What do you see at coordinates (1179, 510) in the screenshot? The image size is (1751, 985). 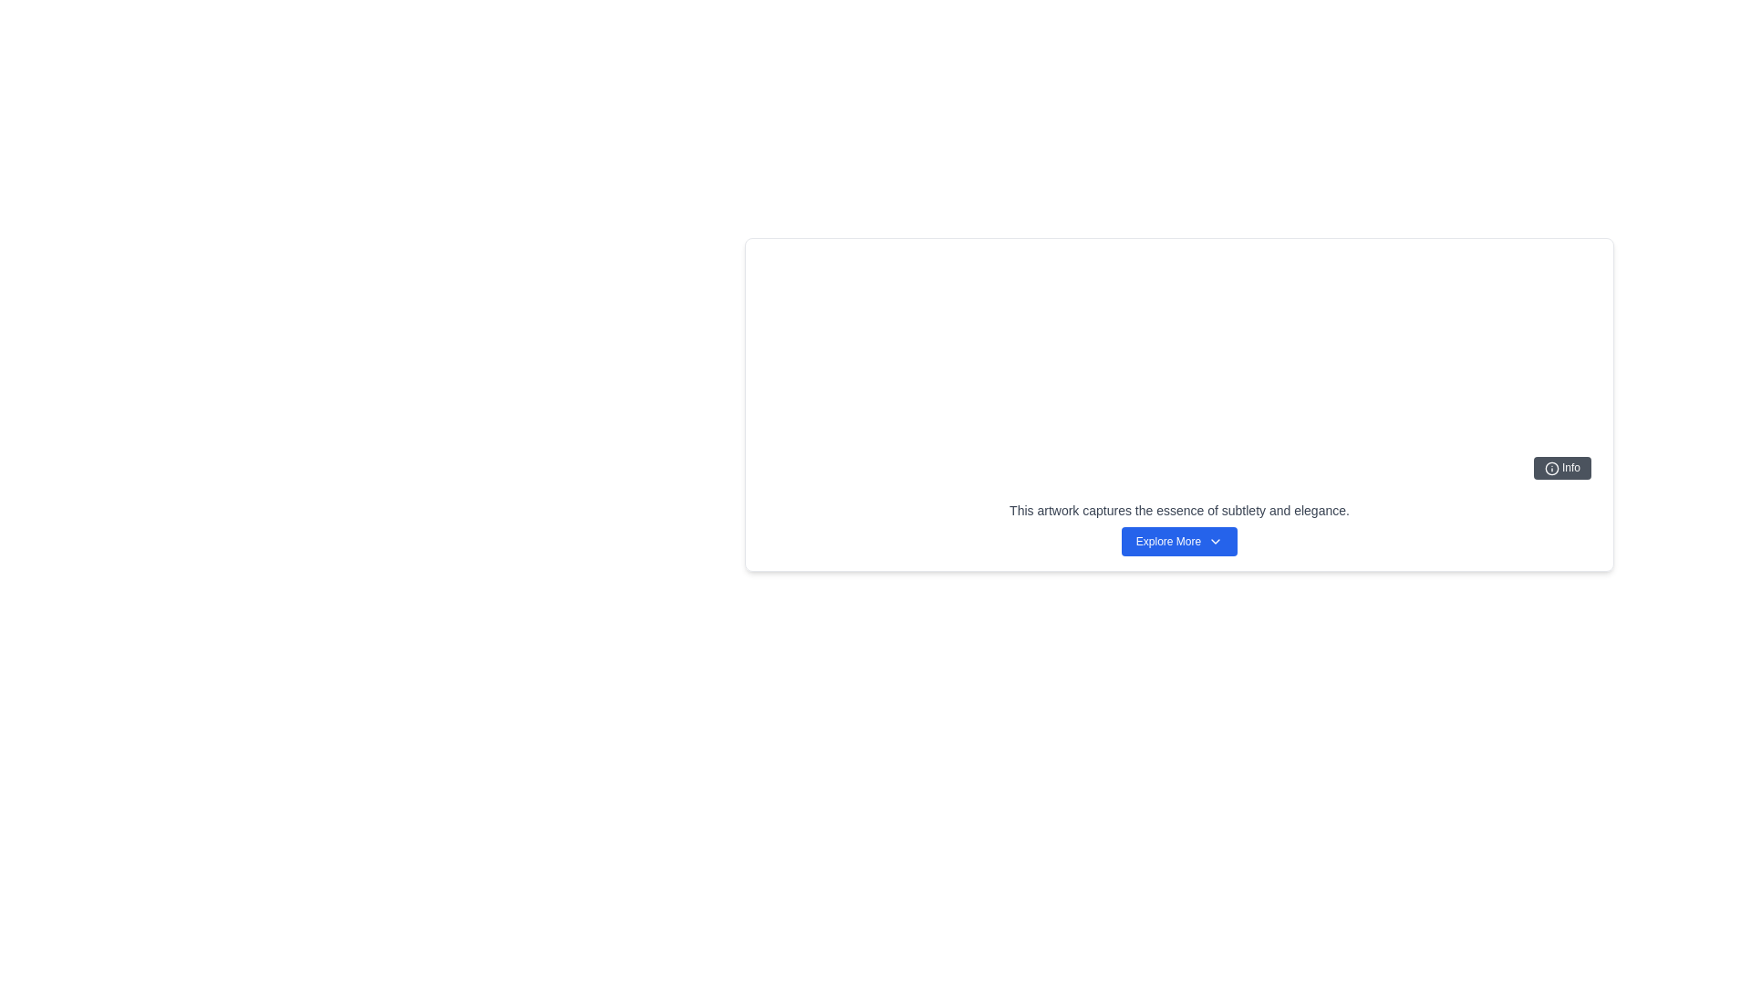 I see `the text display that provides a description or caption about featured artwork, located centrally in a bordered box below the 'Info' icon and above the 'Explore More' blue button` at bounding box center [1179, 510].